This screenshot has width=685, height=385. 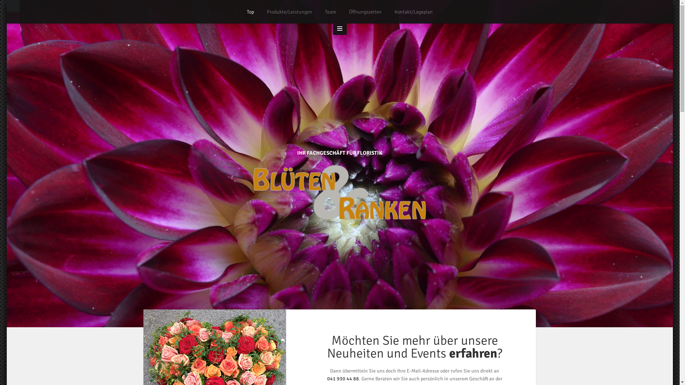 I want to click on 'Produkte/Leistungen', so click(x=267, y=12).